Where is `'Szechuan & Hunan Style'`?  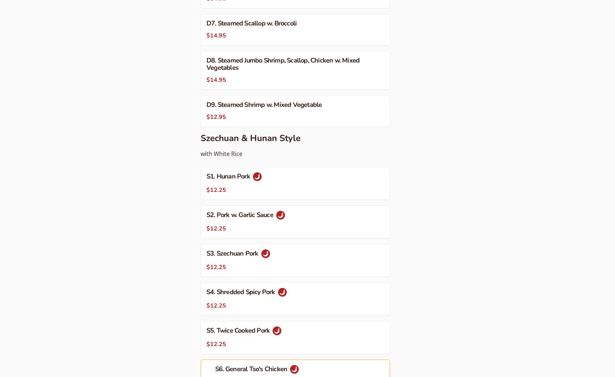
'Szechuan & Hunan Style' is located at coordinates (250, 137).